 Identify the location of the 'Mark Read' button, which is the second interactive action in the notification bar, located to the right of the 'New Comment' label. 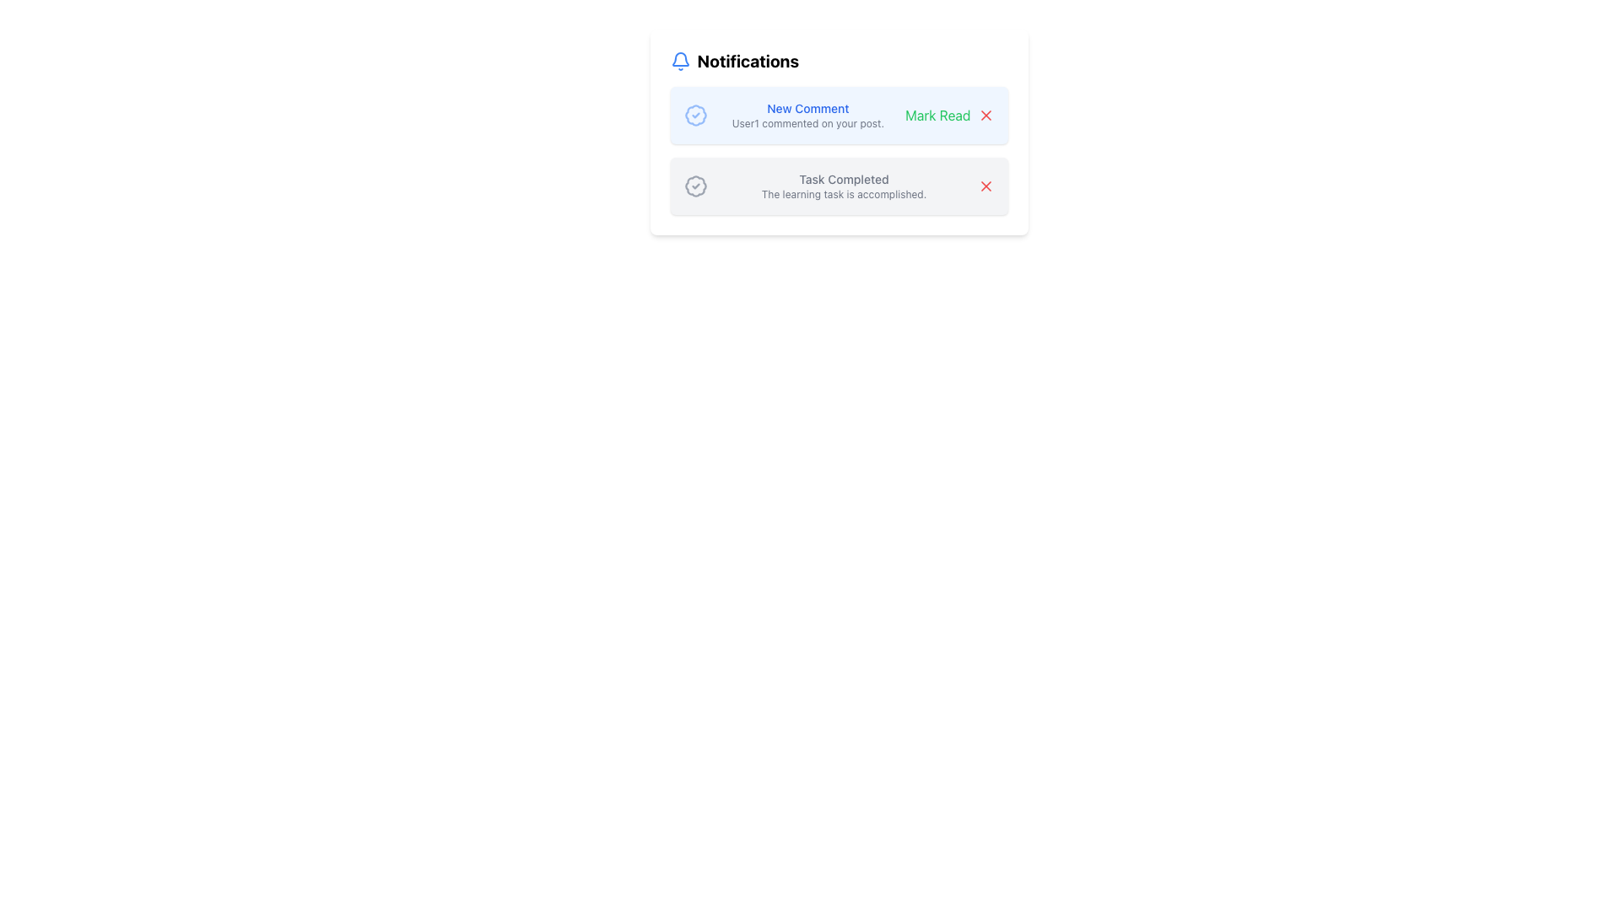
(949, 115).